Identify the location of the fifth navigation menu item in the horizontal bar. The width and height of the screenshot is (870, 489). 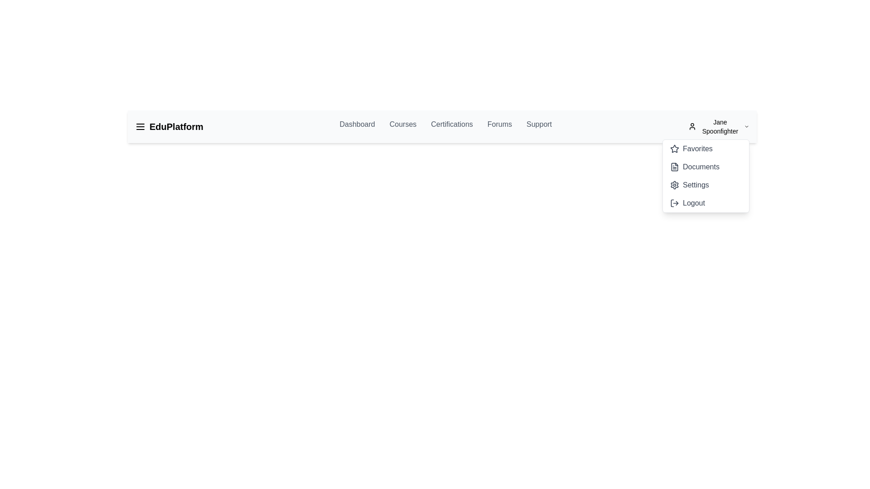
(539, 127).